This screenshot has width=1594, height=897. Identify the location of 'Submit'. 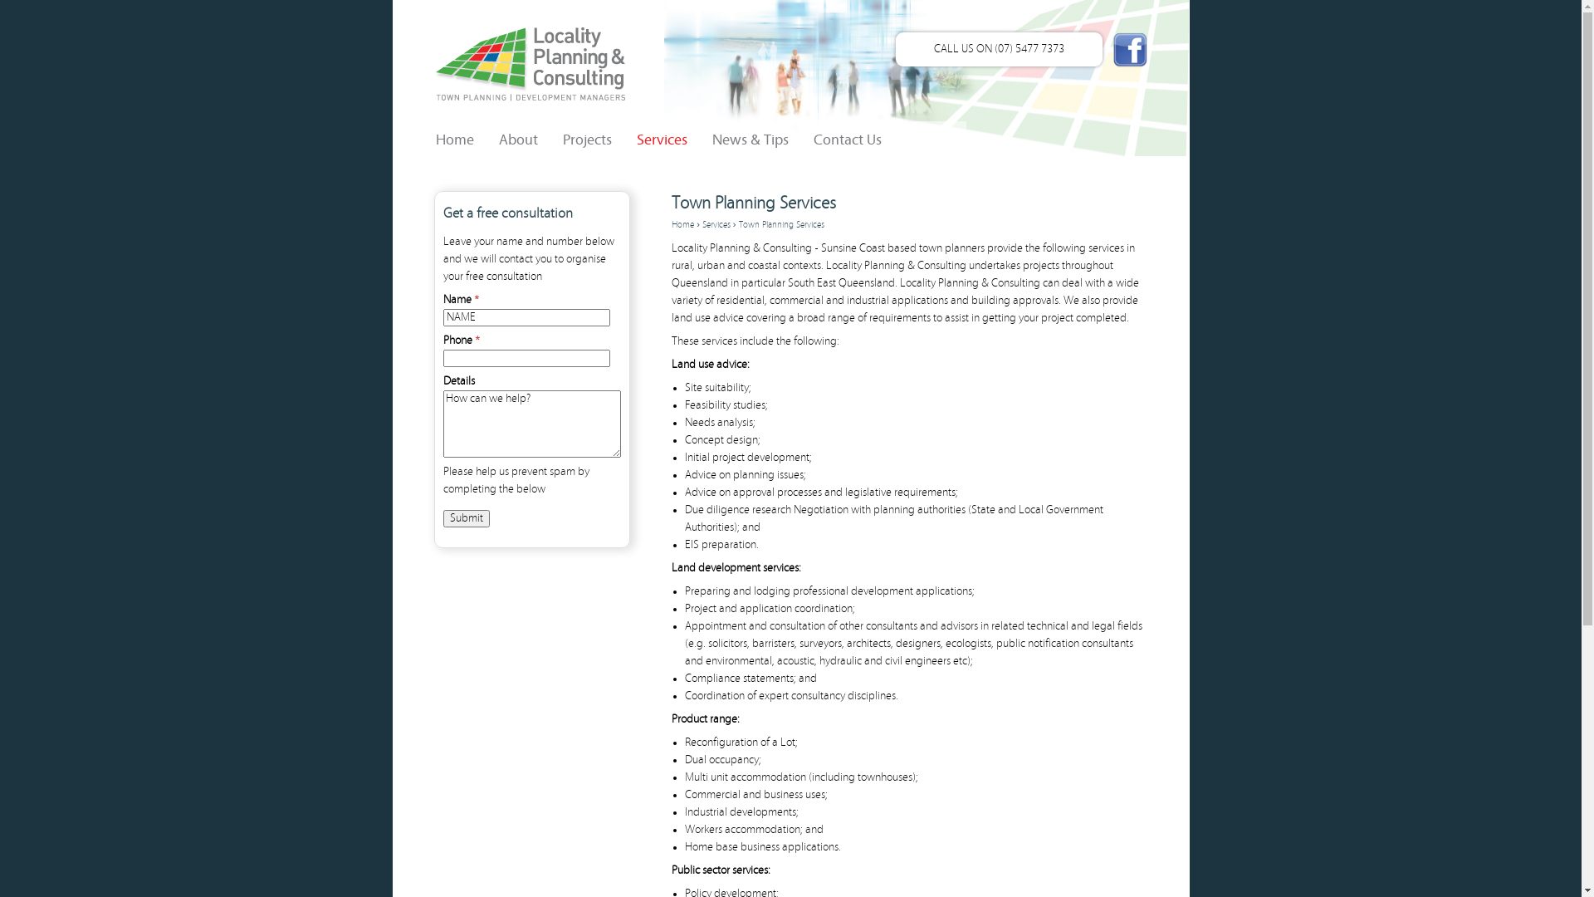
(443, 517).